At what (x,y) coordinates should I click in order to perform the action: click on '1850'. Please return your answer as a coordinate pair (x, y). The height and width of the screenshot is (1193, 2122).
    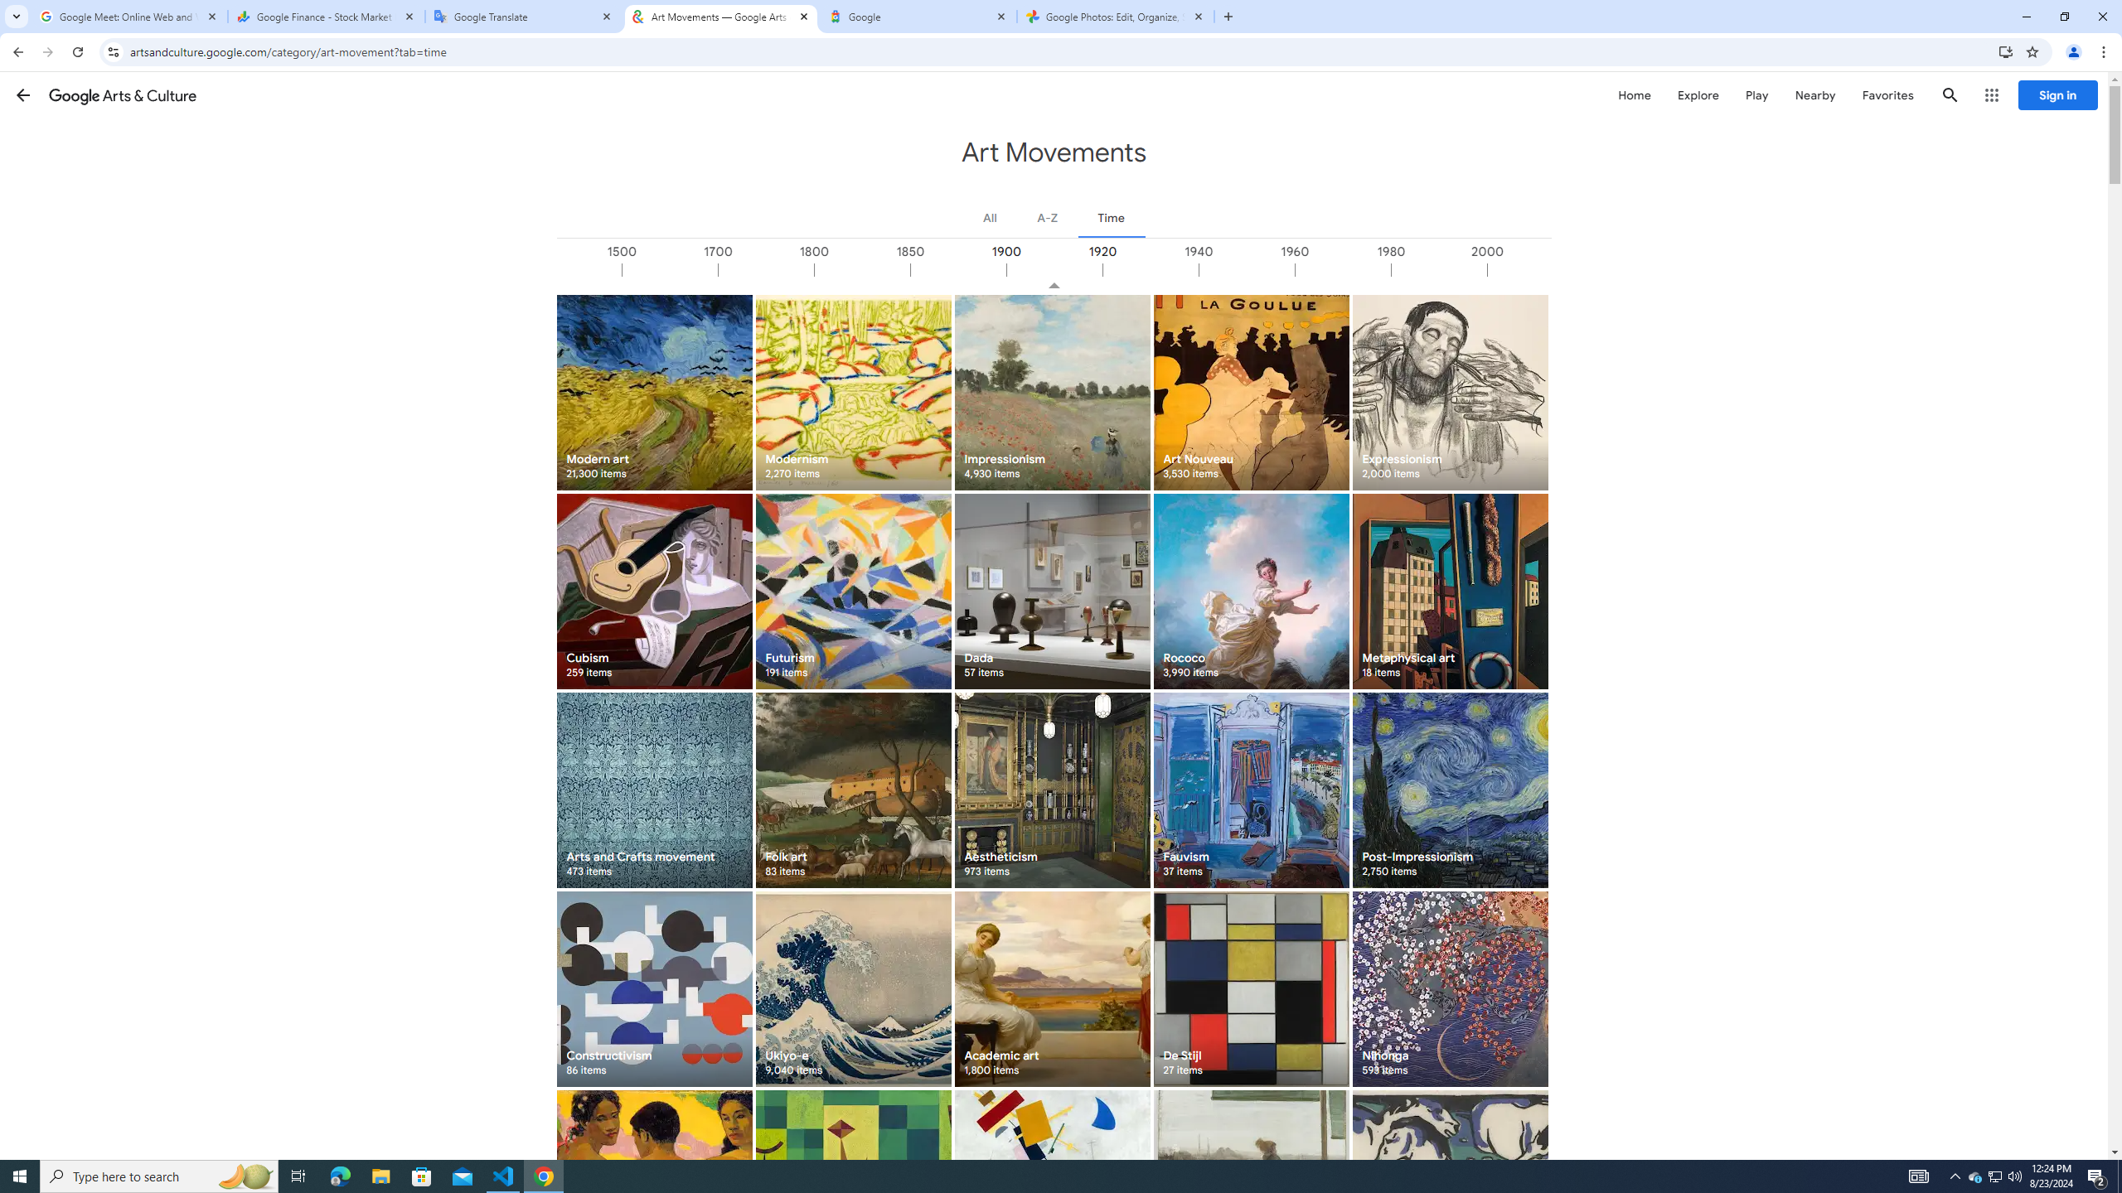
    Looking at the image, I should click on (957, 269).